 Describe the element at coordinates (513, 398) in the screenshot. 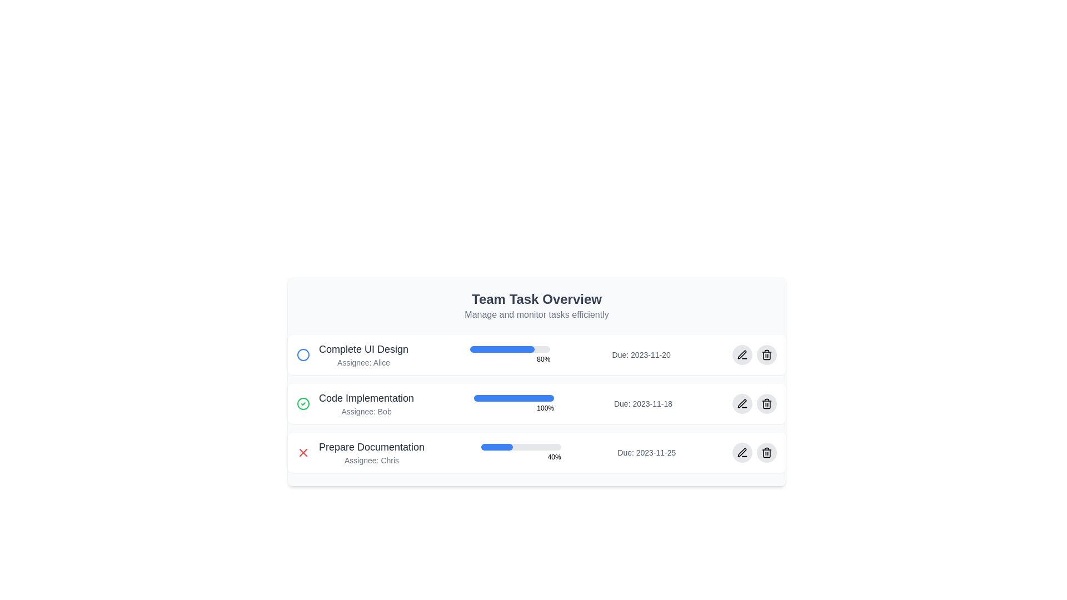

I see `the visual progress level of the progress bar for the second item, 'Code Implementation', in the task list, which is centrally positioned within its list item` at that location.